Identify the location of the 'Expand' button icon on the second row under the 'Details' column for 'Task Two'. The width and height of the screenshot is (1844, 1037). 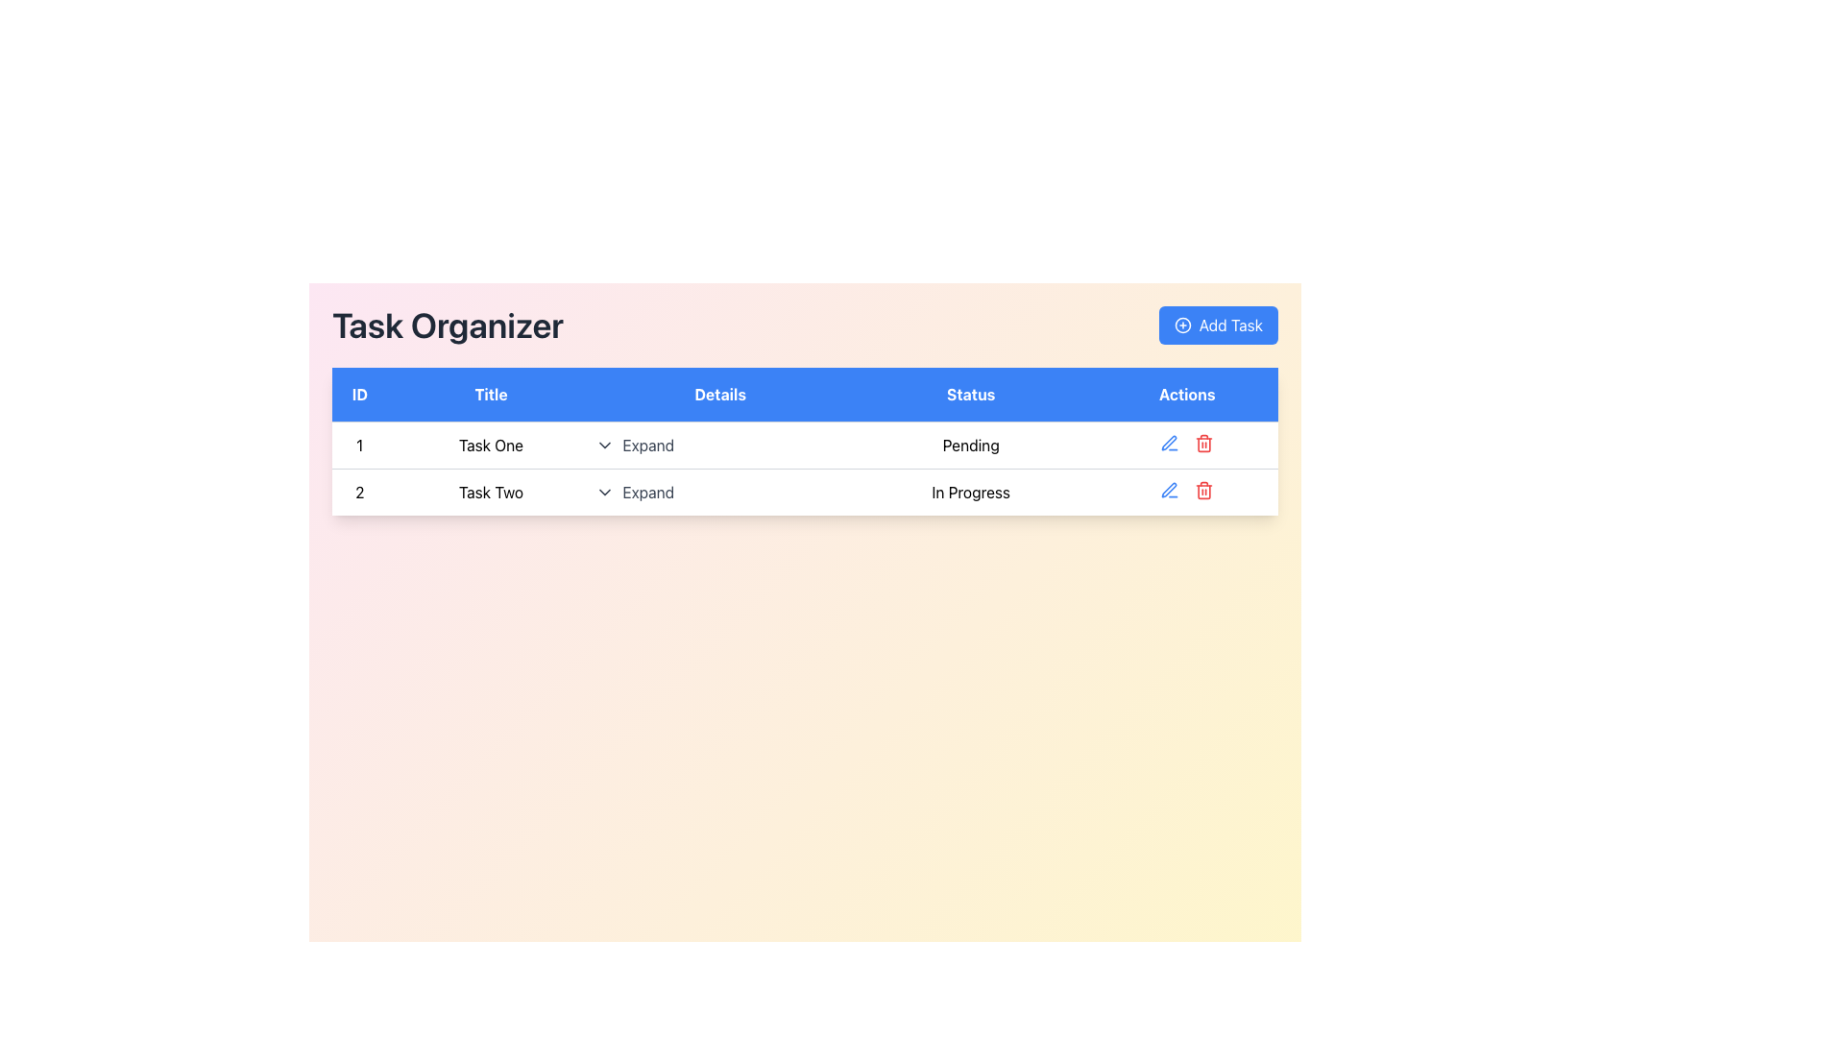
(604, 492).